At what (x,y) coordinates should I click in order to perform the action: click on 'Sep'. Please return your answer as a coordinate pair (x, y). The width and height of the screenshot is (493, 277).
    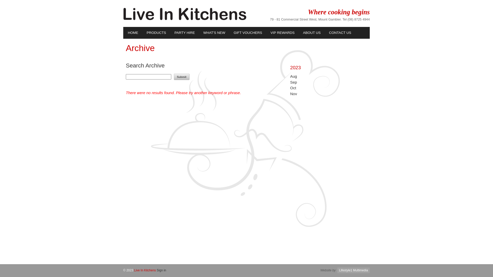
    Looking at the image, I should click on (293, 82).